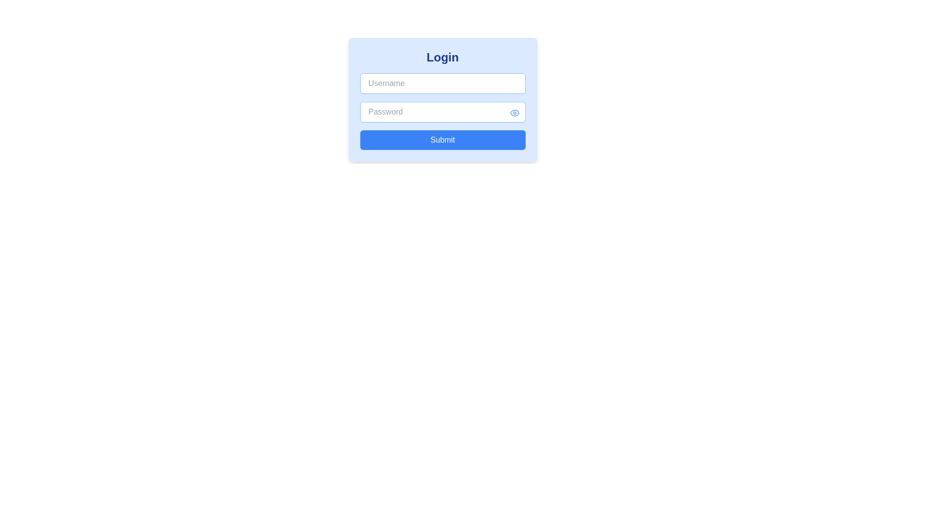  What do you see at coordinates (514, 112) in the screenshot?
I see `the eye-shaped icon within the login form interface` at bounding box center [514, 112].